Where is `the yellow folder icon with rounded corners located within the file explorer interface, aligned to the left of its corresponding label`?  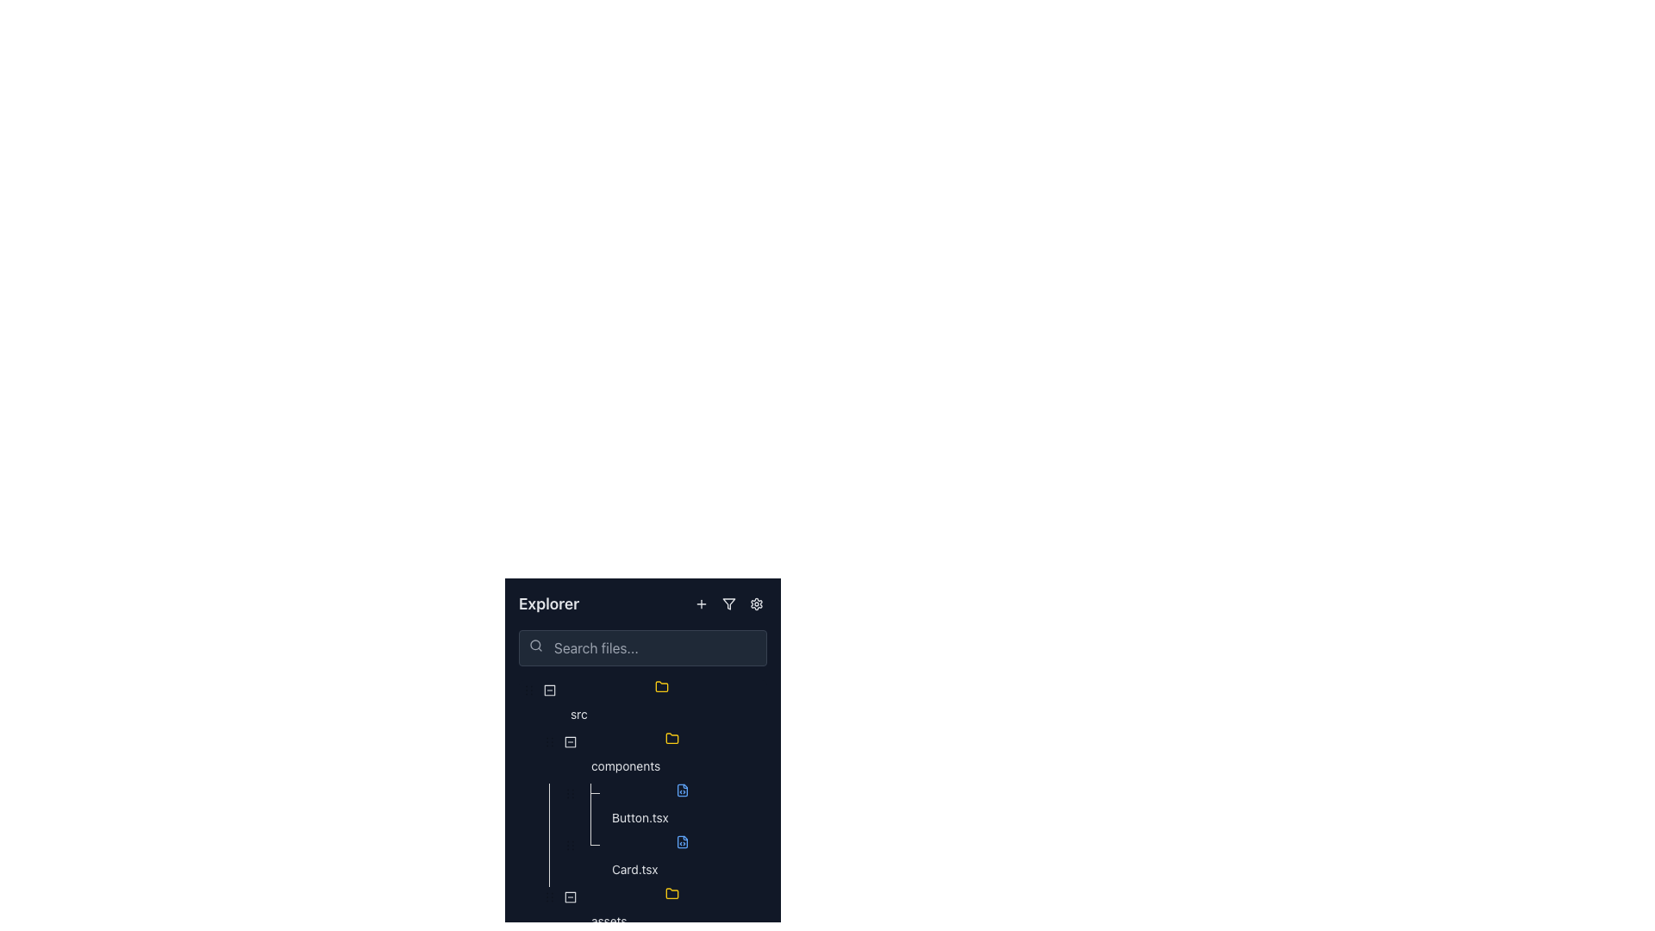 the yellow folder icon with rounded corners located within the file explorer interface, aligned to the left of its corresponding label is located at coordinates (671, 893).